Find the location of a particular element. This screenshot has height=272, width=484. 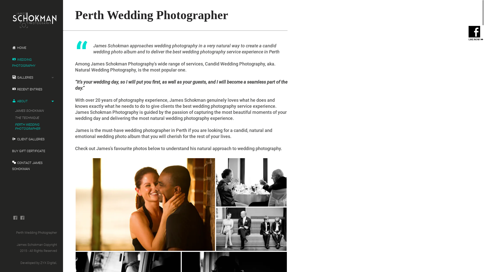

'CLIENT GALLERIES' is located at coordinates (6, 139).